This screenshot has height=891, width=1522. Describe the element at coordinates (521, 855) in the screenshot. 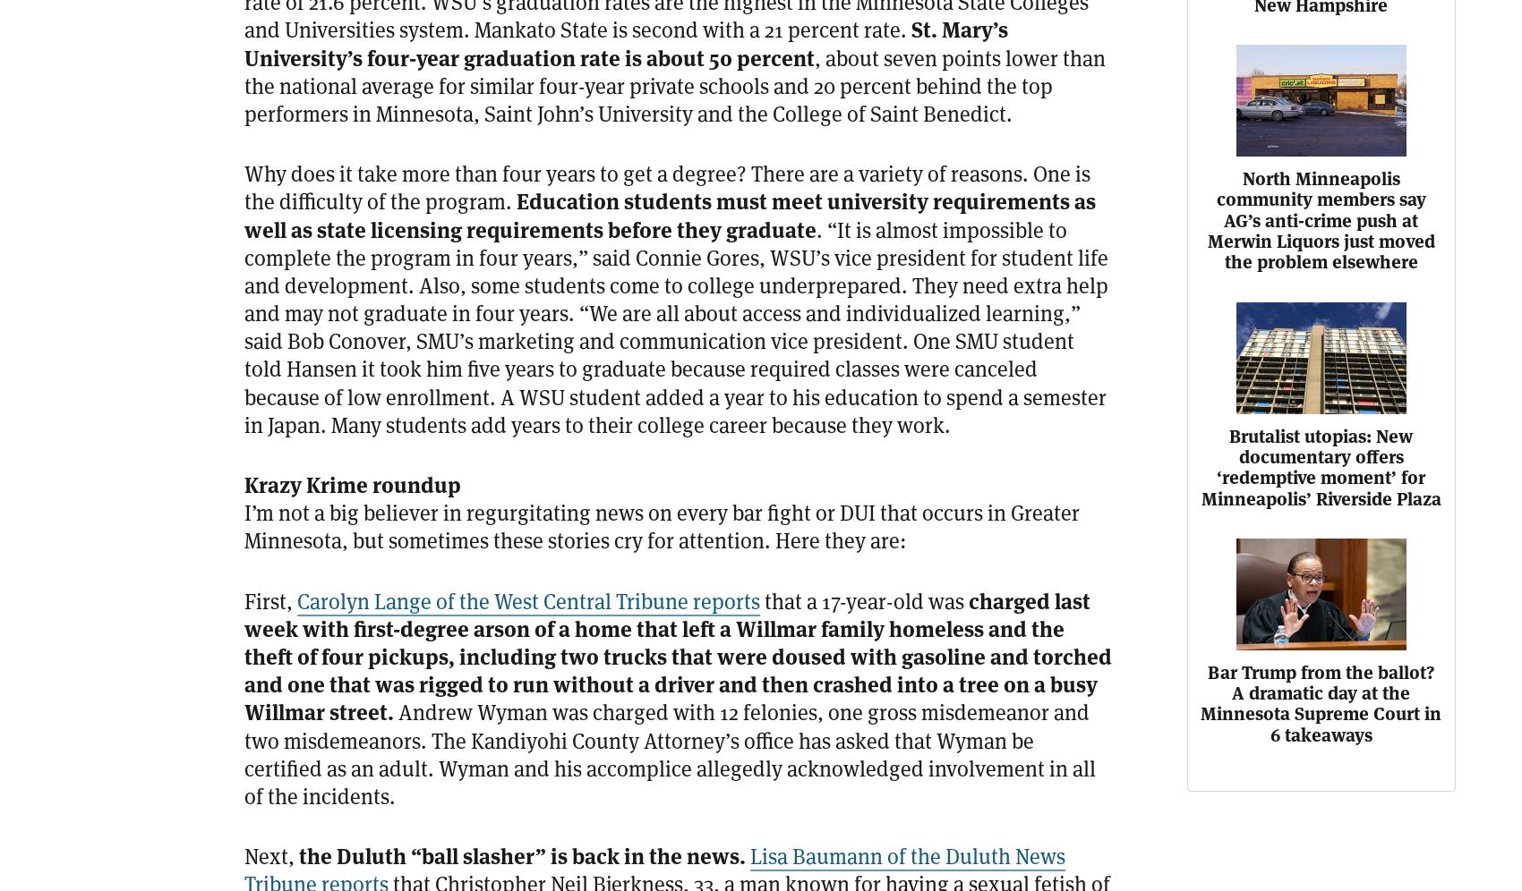

I see `'the Duluth “ball slasher” is back in the news.'` at that location.